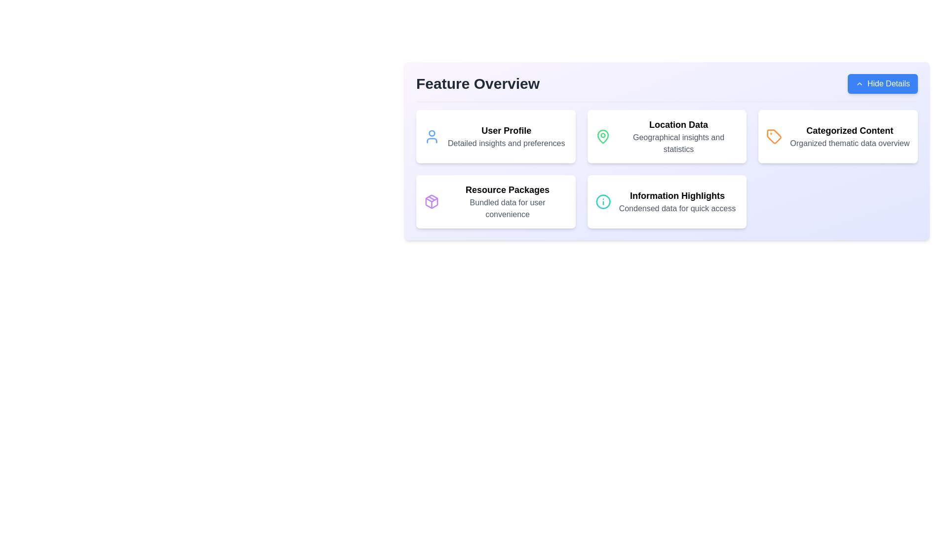 The height and width of the screenshot is (533, 948). What do you see at coordinates (667, 137) in the screenshot?
I see `the middle card in the top row of the grid layout under the 'Feature Overview' section, located between 'User Profile' and 'Categorized Content'` at bounding box center [667, 137].